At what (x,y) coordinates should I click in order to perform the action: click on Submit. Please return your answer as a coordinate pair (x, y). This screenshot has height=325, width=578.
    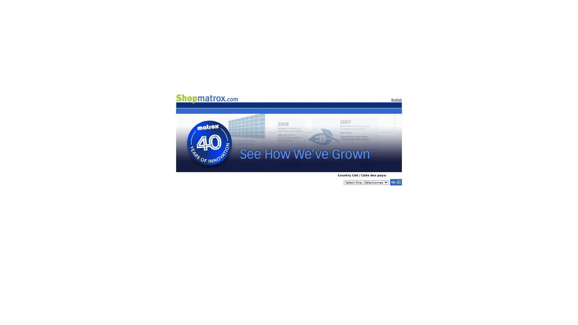
    Looking at the image, I should click on (396, 182).